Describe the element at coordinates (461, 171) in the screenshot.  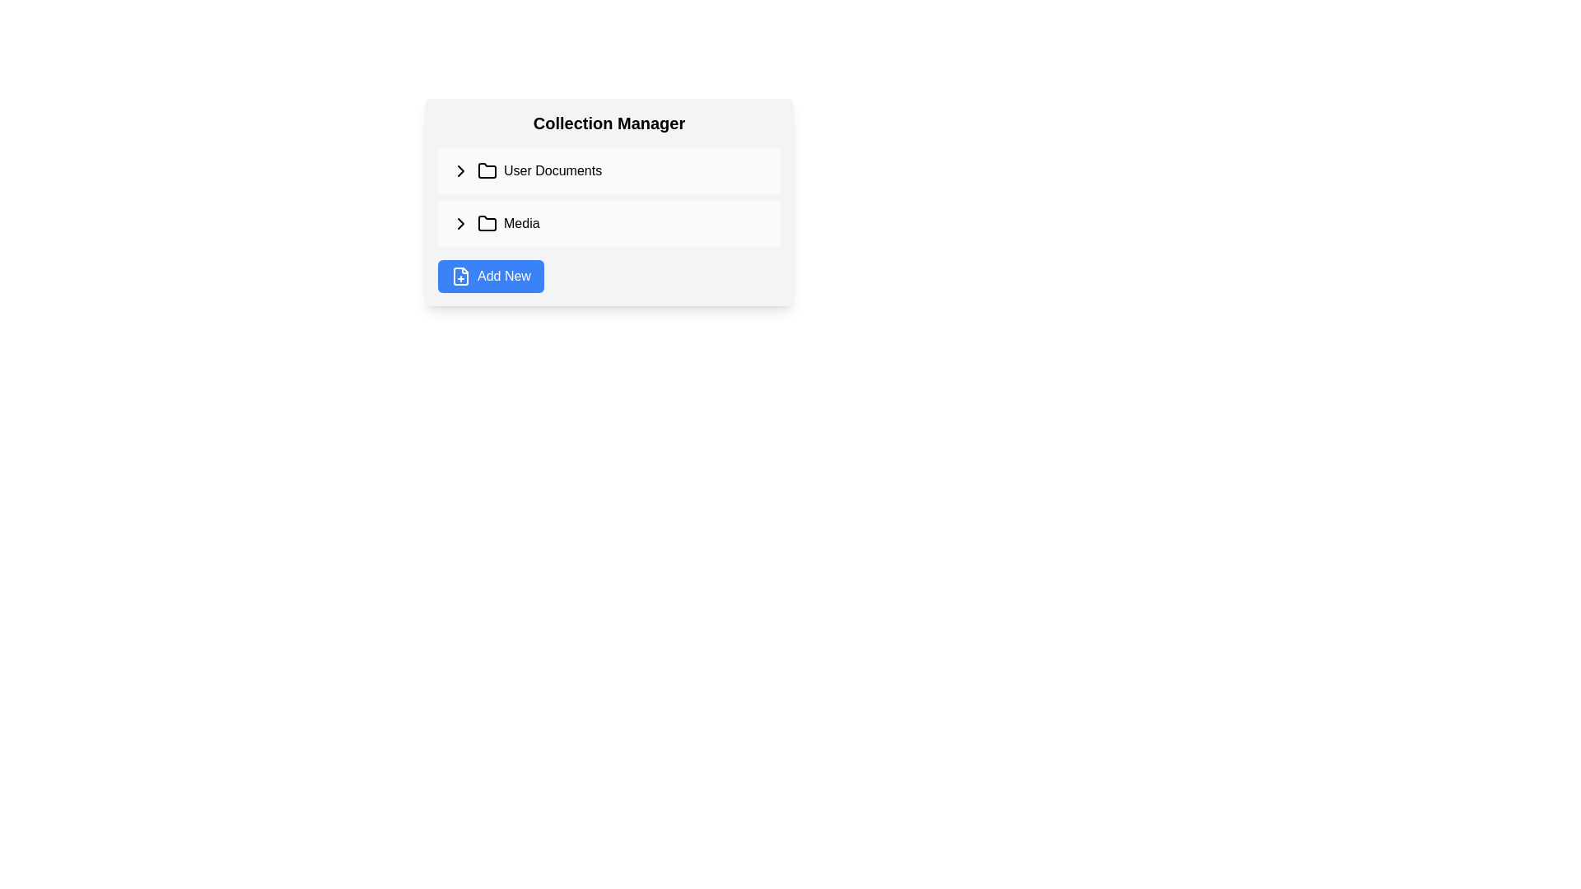
I see `the toggle button located to the left of the 'User Documents' folder icon` at that location.